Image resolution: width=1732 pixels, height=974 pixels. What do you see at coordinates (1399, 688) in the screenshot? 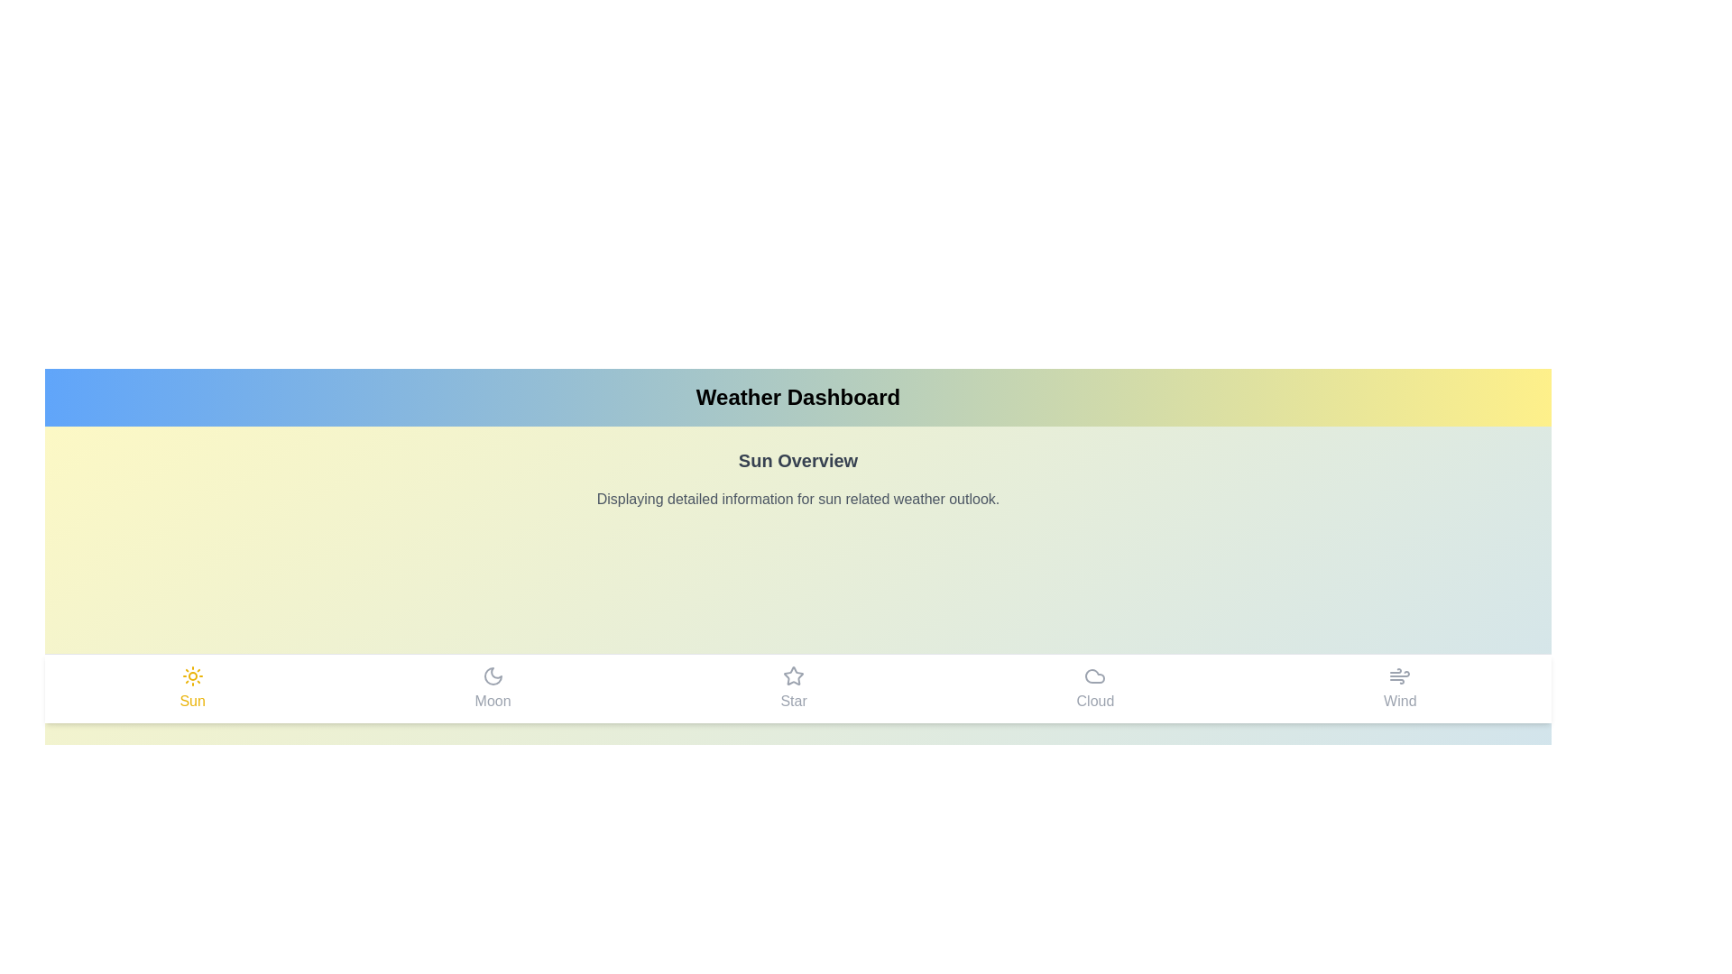
I see `the Wind tab in the navigation bar` at bounding box center [1399, 688].